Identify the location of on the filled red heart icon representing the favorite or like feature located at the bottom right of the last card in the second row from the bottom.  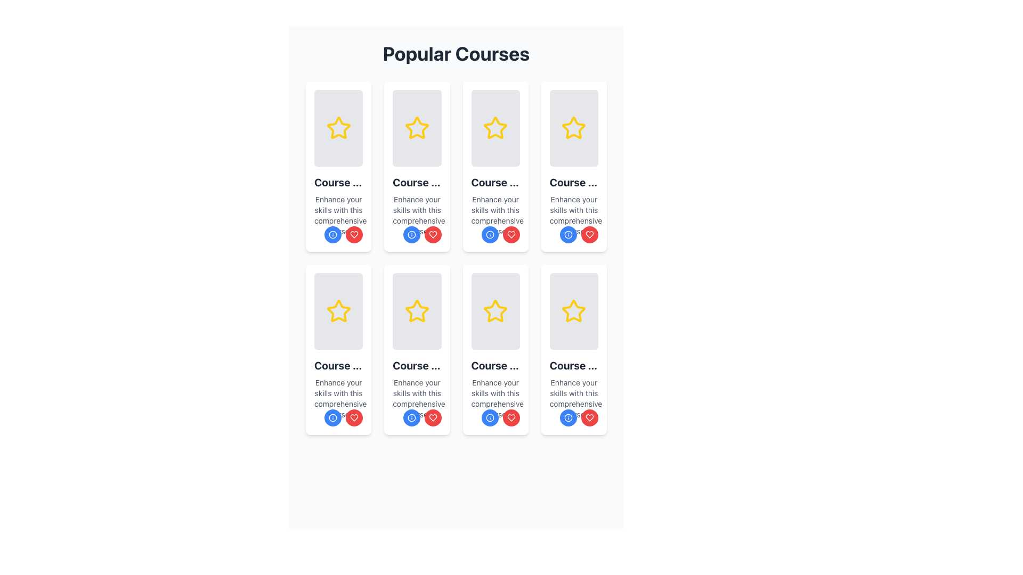
(589, 417).